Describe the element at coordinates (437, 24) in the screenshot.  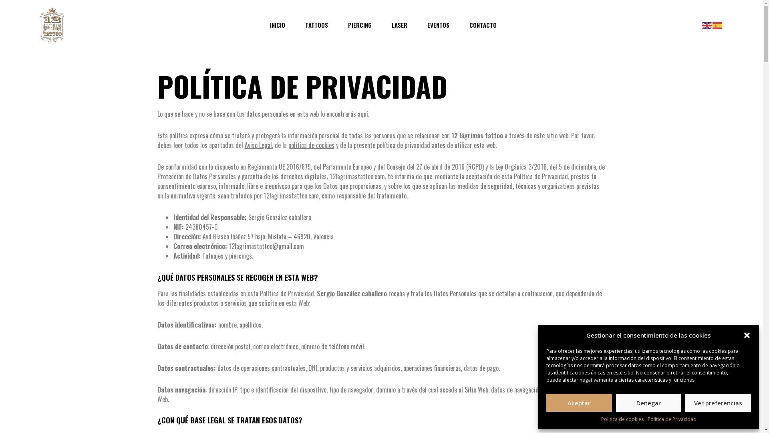
I see `'EVENTOS'` at that location.